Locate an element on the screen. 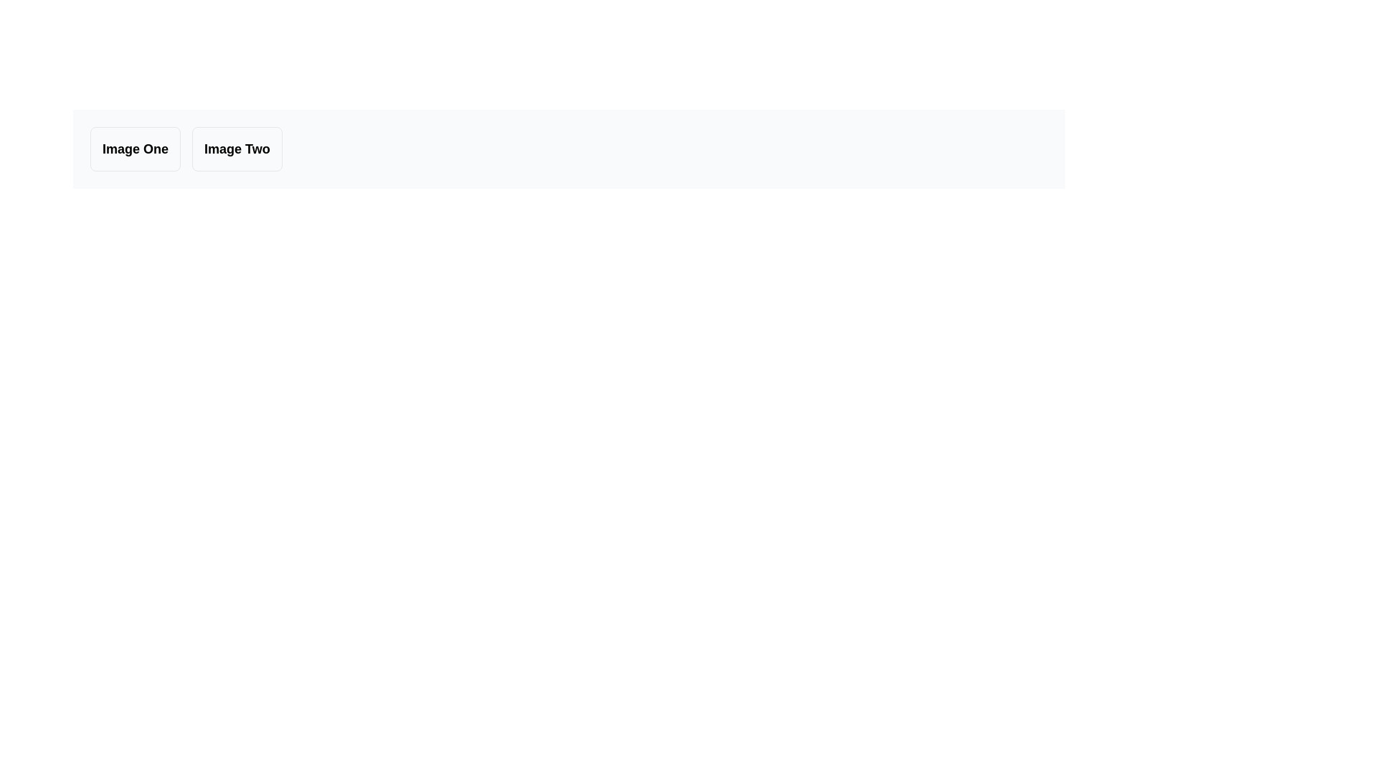 The image size is (1377, 775). the Text Label that serves as a heading within the second card, providing identification for the card's content, located to the right of the card containing 'Image One' is located at coordinates (237, 149).